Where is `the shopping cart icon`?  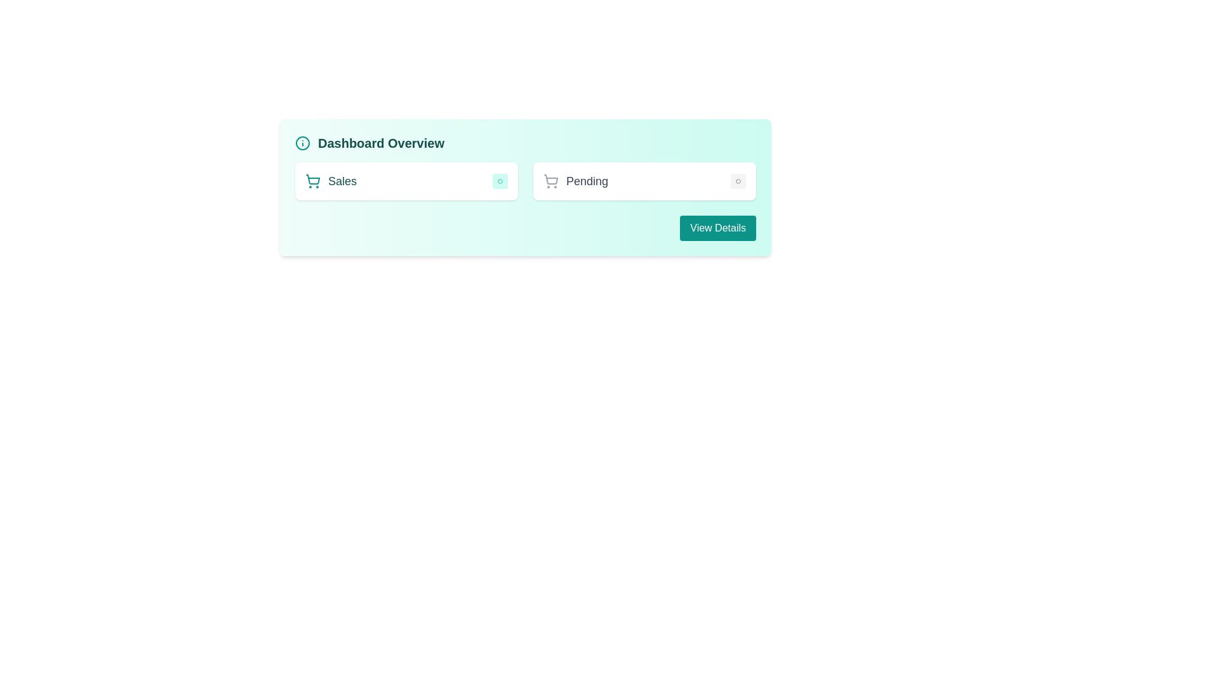 the shopping cart icon is located at coordinates (551, 181).